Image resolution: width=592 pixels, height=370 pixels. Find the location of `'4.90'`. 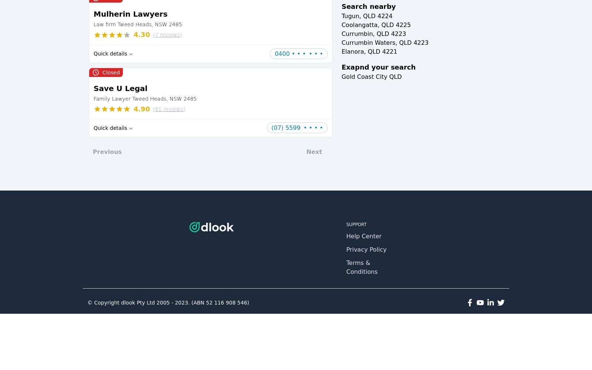

'4.90' is located at coordinates (142, 108).